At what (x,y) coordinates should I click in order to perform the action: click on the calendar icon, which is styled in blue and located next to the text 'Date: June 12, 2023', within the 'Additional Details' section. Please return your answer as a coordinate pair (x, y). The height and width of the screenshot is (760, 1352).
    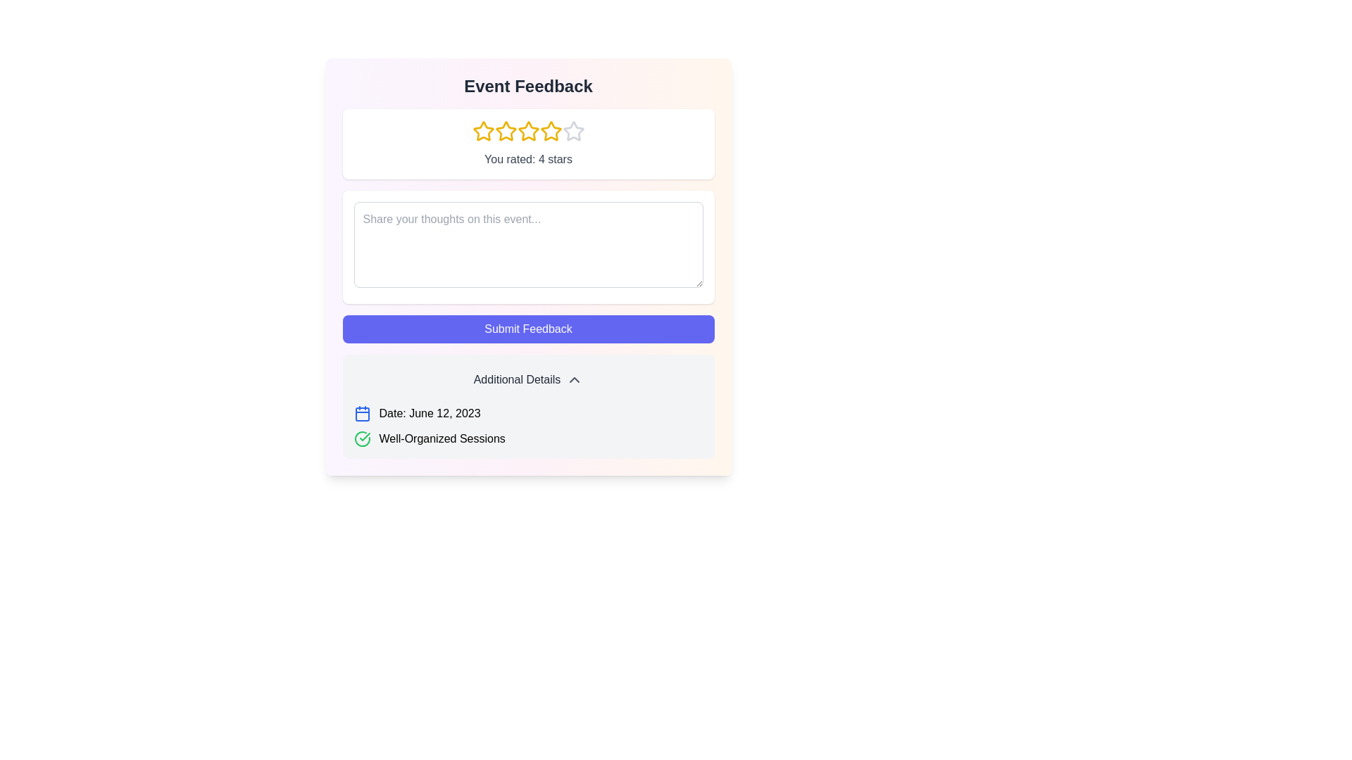
    Looking at the image, I should click on (362, 412).